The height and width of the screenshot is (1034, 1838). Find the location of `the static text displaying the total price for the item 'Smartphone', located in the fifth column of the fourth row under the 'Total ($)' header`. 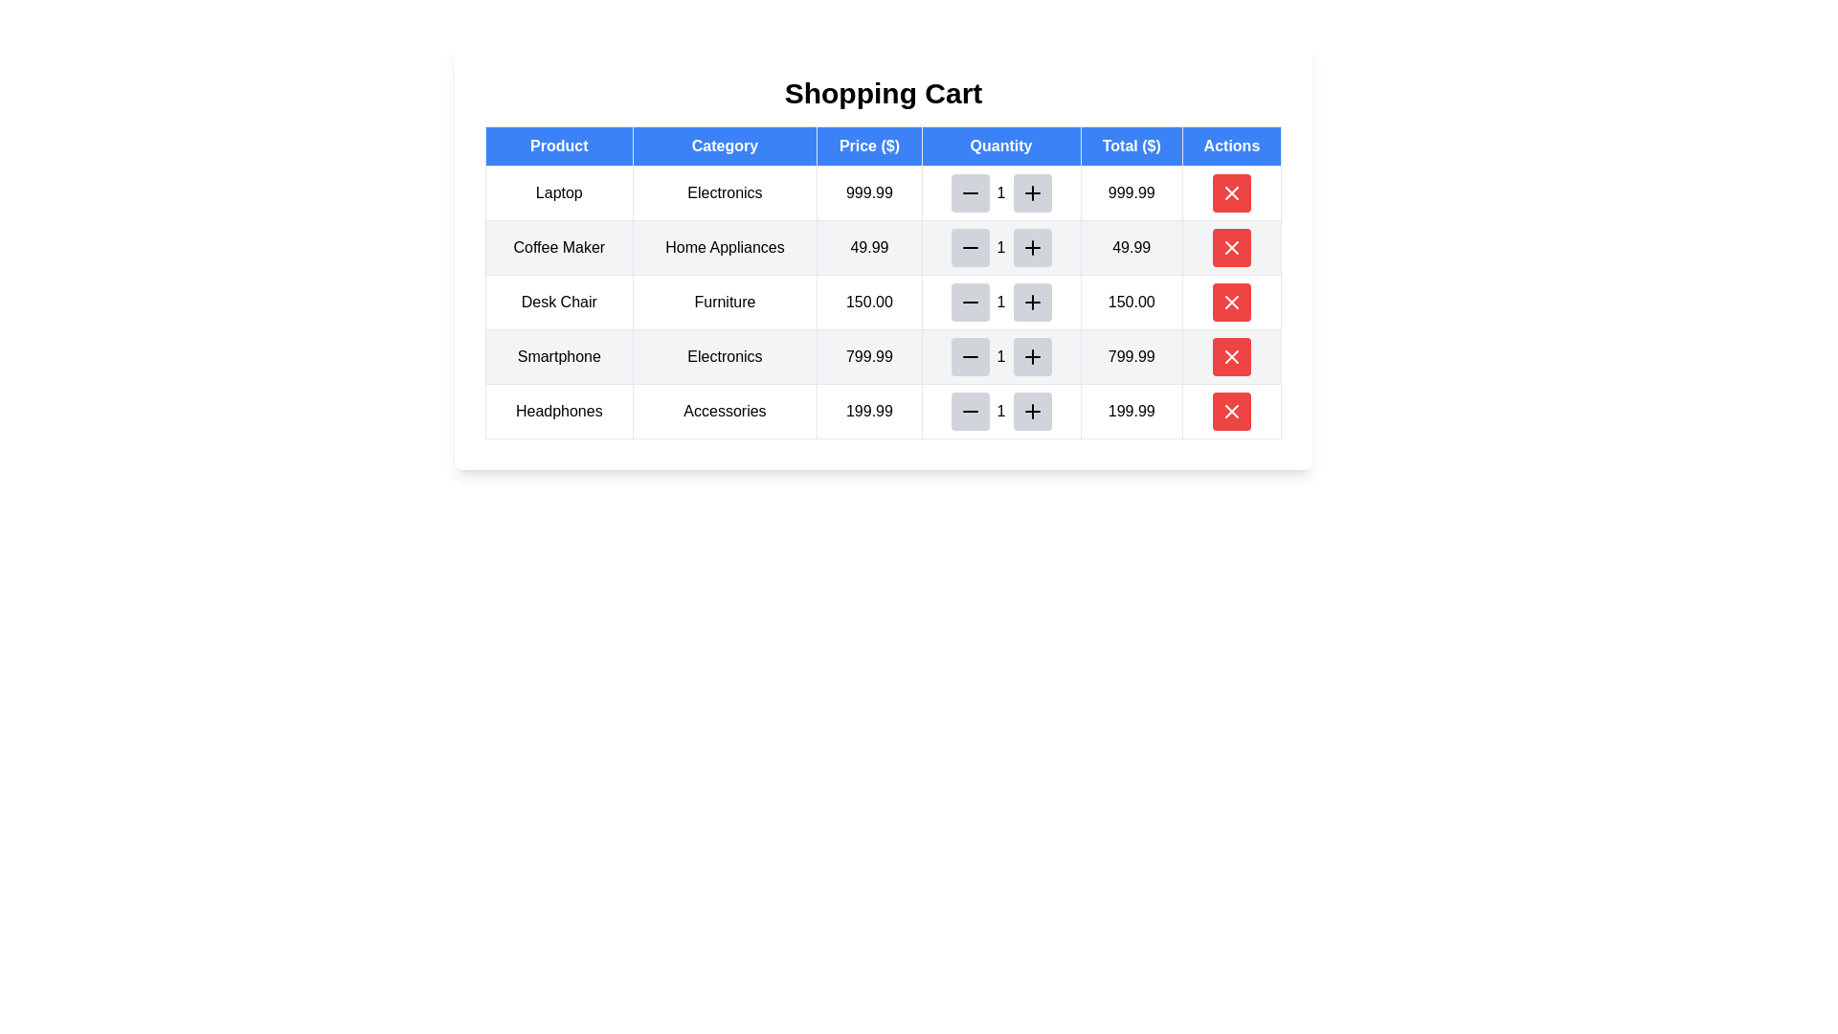

the static text displaying the total price for the item 'Smartphone', located in the fifth column of the fourth row under the 'Total ($)' header is located at coordinates (1132, 357).